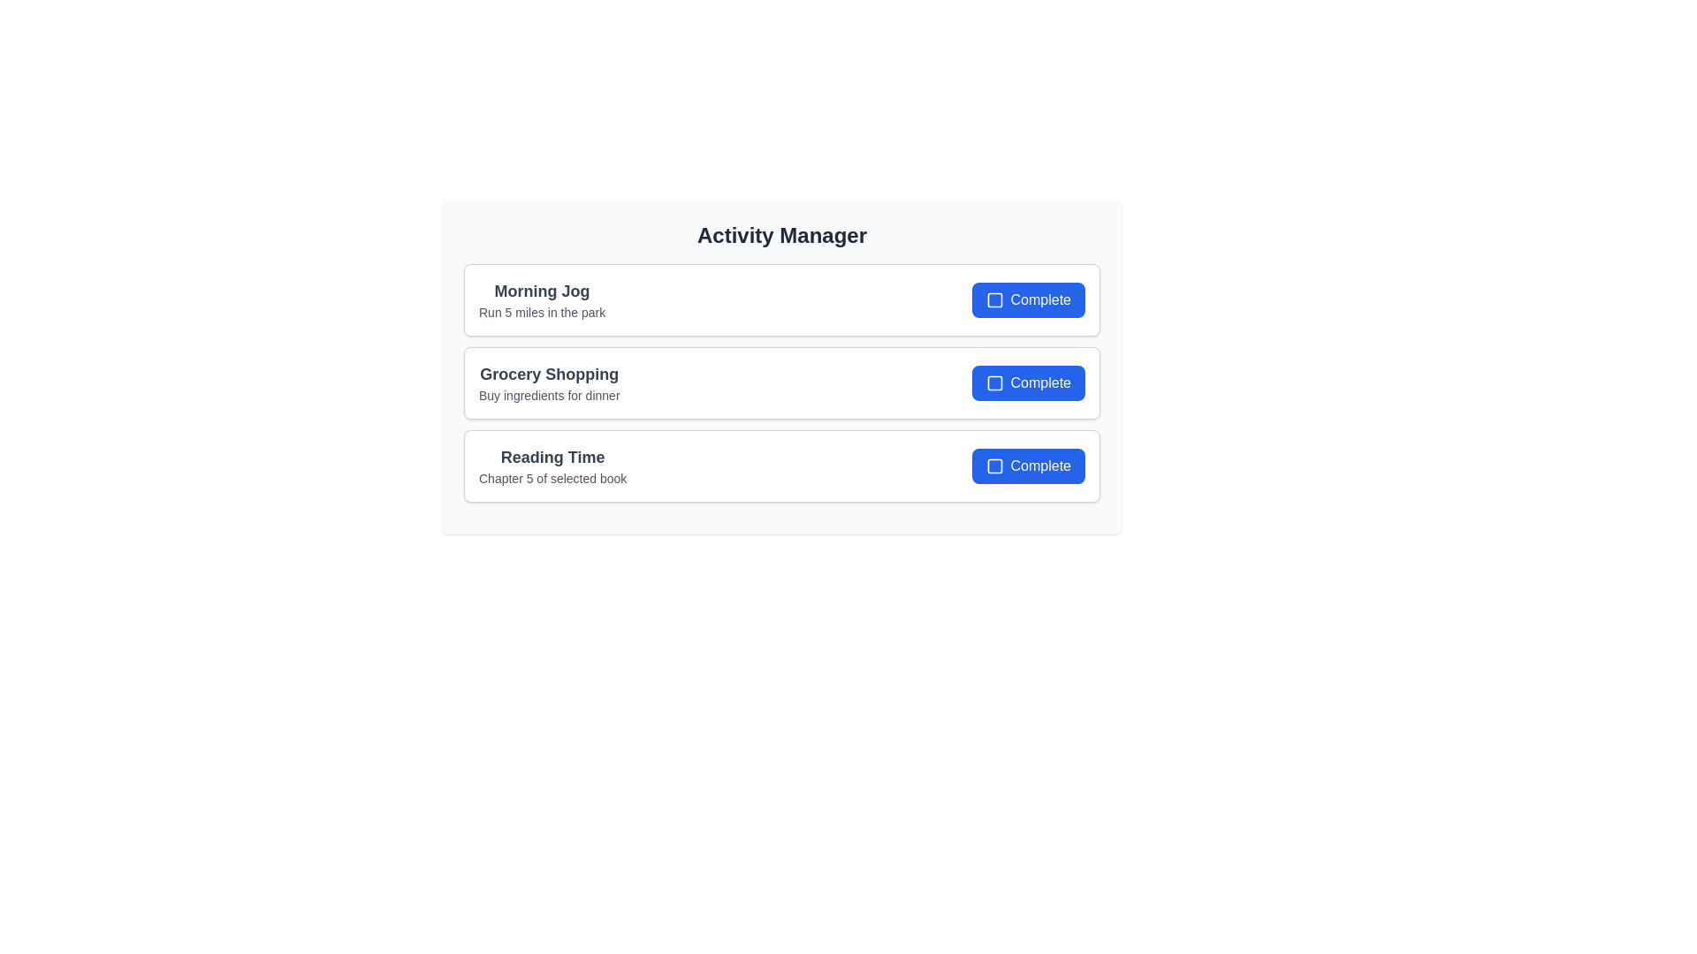  What do you see at coordinates (780, 382) in the screenshot?
I see `the Task card element, which is located between 'Morning Jog' and 'Reading Time' in the task manager list` at bounding box center [780, 382].